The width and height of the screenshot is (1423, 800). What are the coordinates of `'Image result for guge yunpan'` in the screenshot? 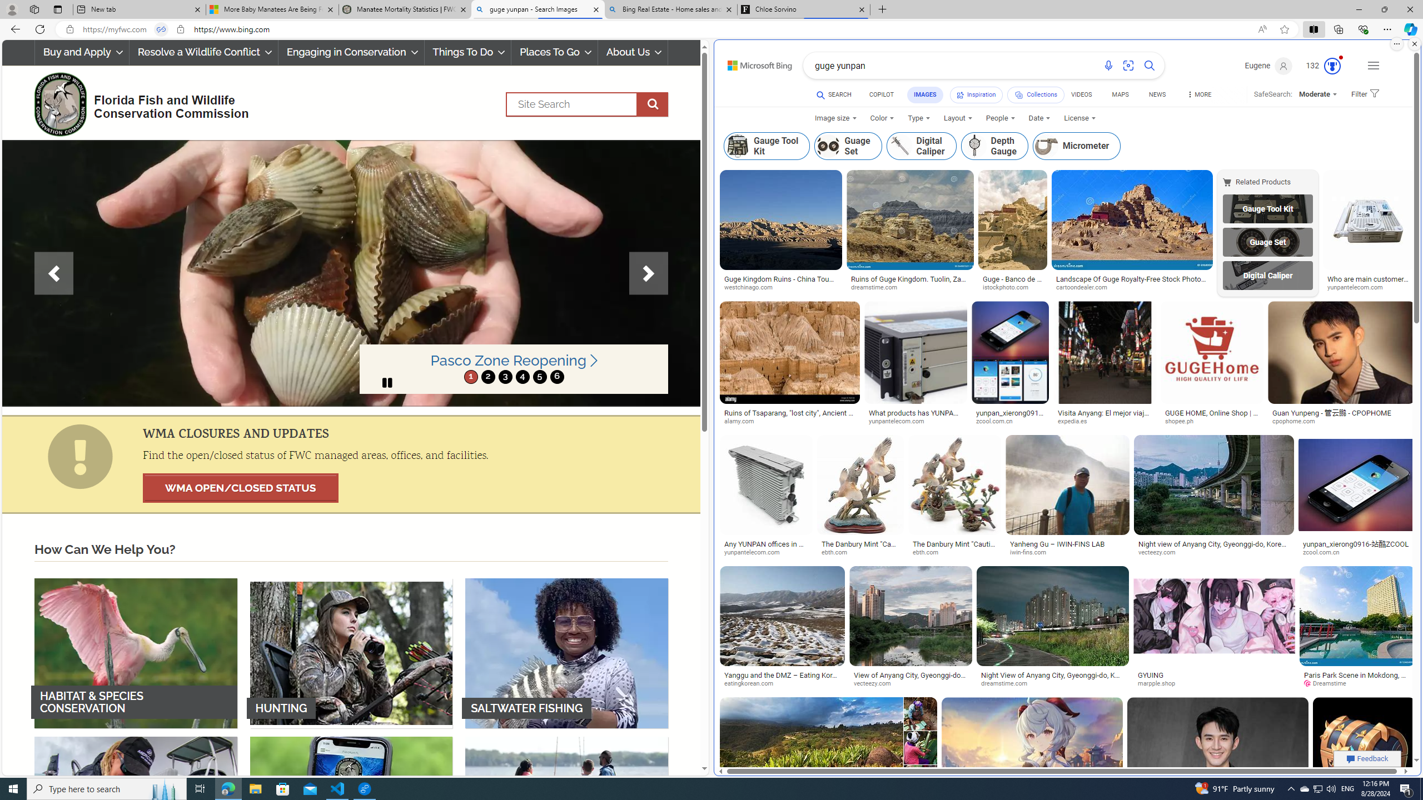 It's located at (1364, 748).